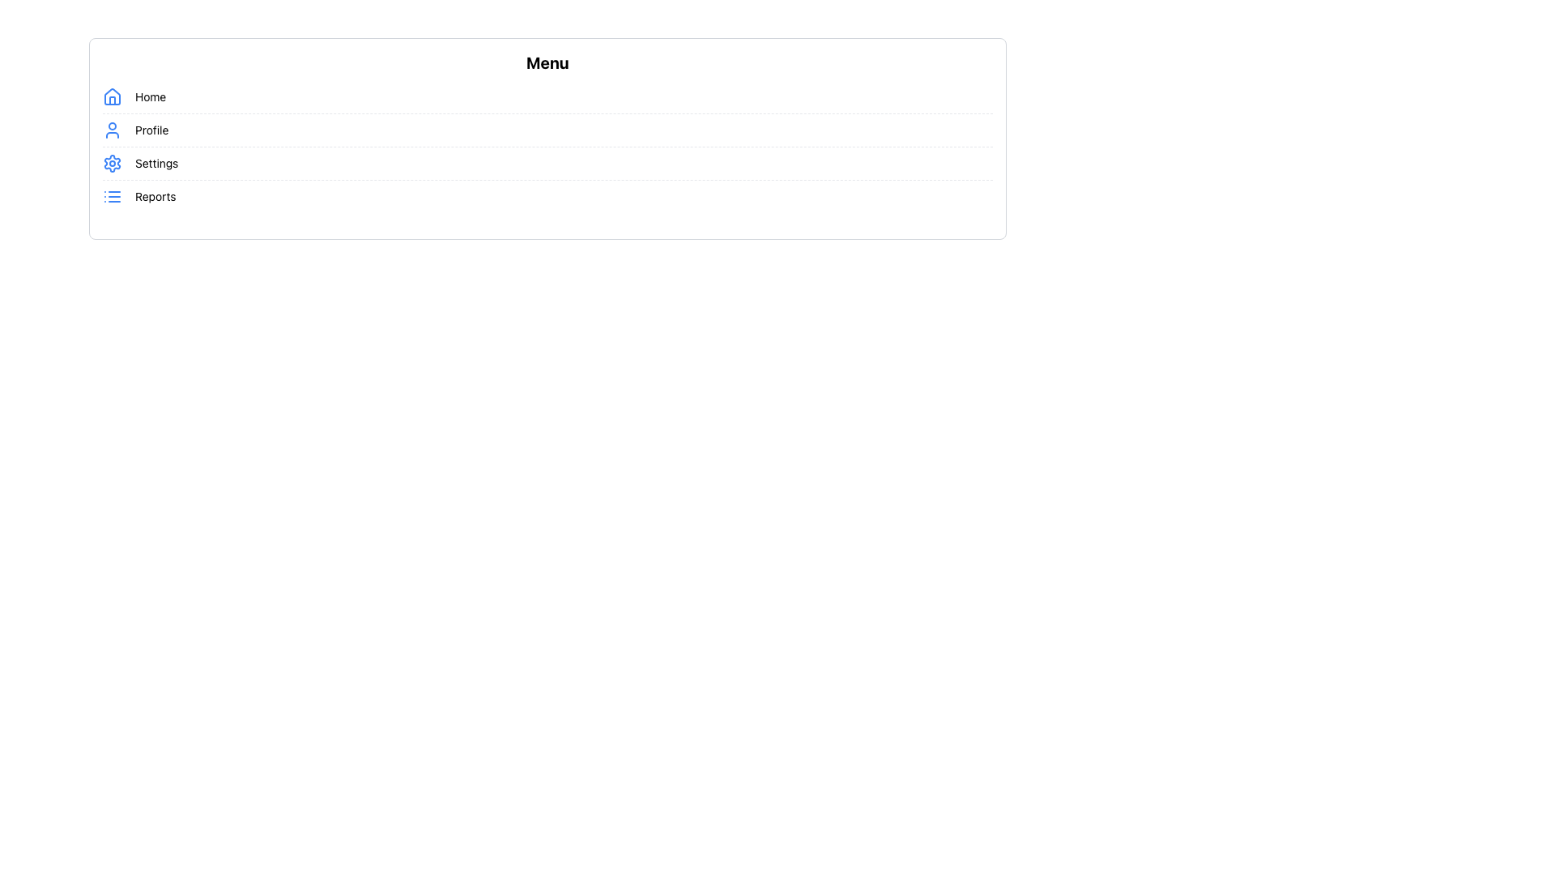  Describe the element at coordinates (112, 163) in the screenshot. I see `the gear-like icon representing the 'Settings' functionality in the menu, located adjacent to the 'Settings' label` at that location.